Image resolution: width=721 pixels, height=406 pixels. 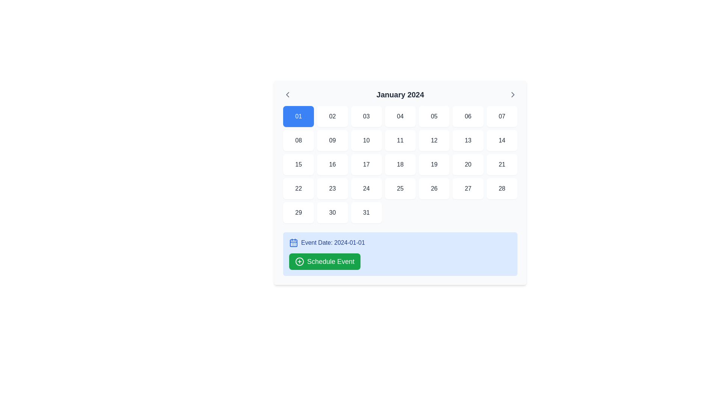 I want to click on text displayed in the bold, dark gray text label that shows the month and year 'January 2024', located centrally between the navigation controls, so click(x=400, y=94).